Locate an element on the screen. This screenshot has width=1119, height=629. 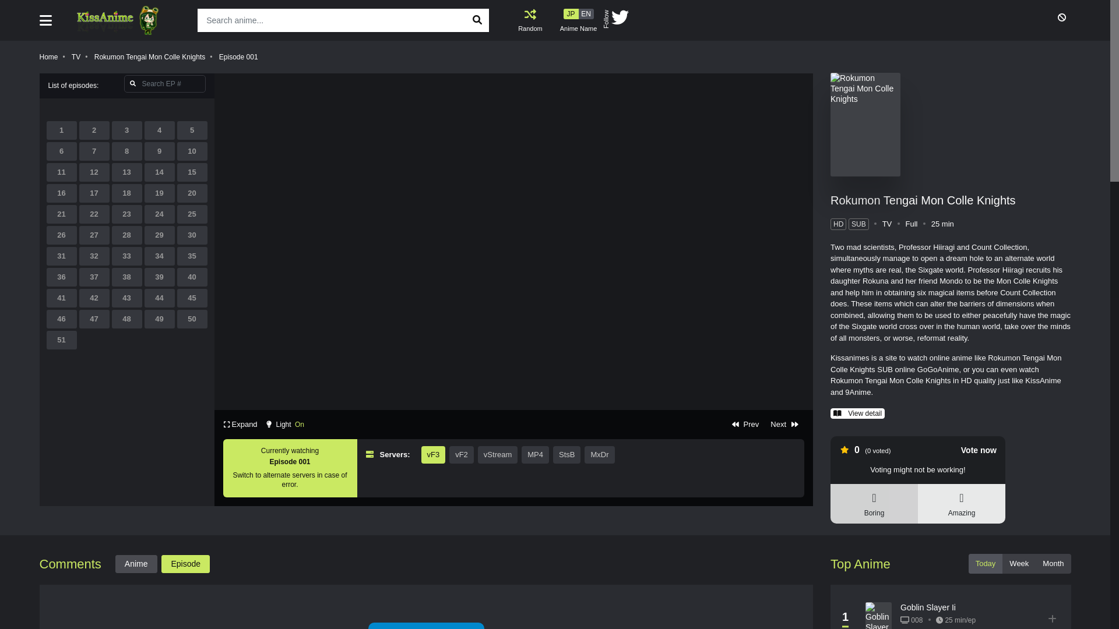
'46' is located at coordinates (61, 319).